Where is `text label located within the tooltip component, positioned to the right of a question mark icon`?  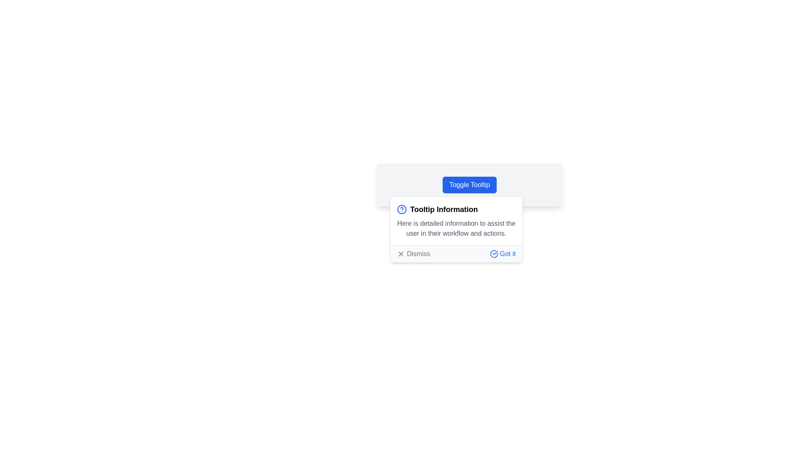 text label located within the tooltip component, positioned to the right of a question mark icon is located at coordinates (443, 209).